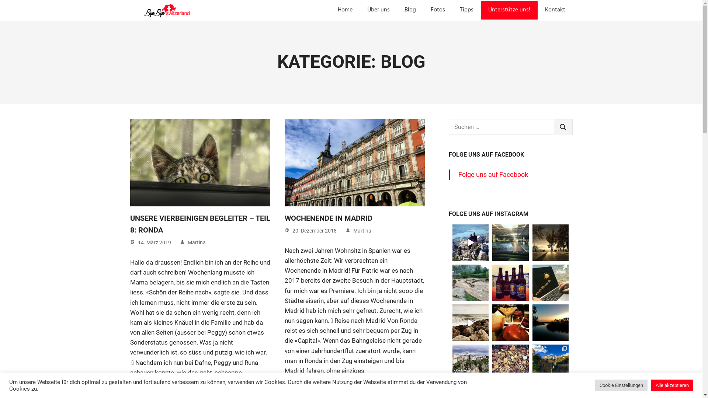 The width and height of the screenshot is (708, 398). What do you see at coordinates (621, 385) in the screenshot?
I see `'Cookie Einstellungen'` at bounding box center [621, 385].